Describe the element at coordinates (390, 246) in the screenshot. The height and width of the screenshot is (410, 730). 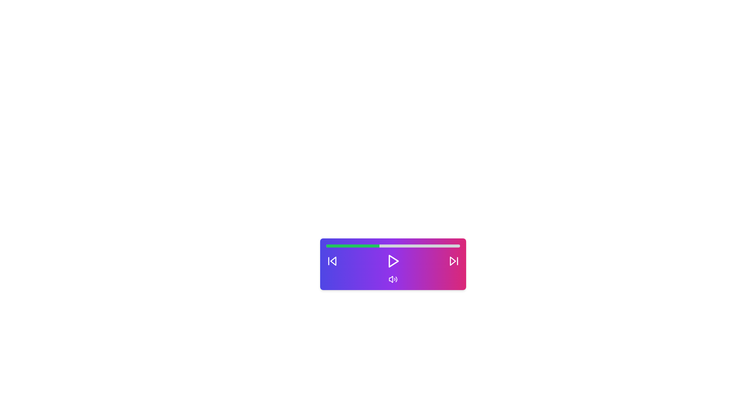
I see `the volume to 48 percent` at that location.